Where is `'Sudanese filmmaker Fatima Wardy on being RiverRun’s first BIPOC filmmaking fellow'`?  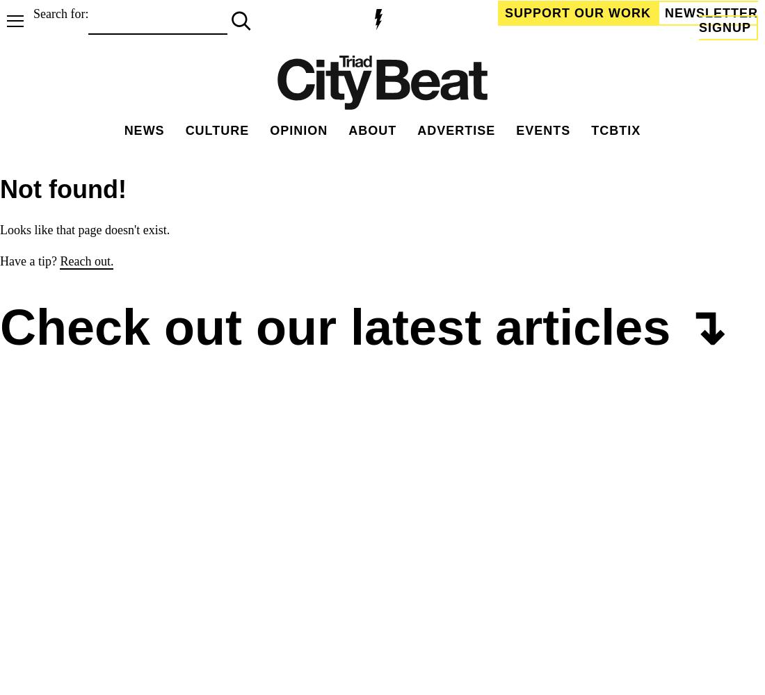 'Sudanese filmmaker Fatima Wardy on being RiverRun’s first BIPOC filmmaking fellow' is located at coordinates (13, 603).